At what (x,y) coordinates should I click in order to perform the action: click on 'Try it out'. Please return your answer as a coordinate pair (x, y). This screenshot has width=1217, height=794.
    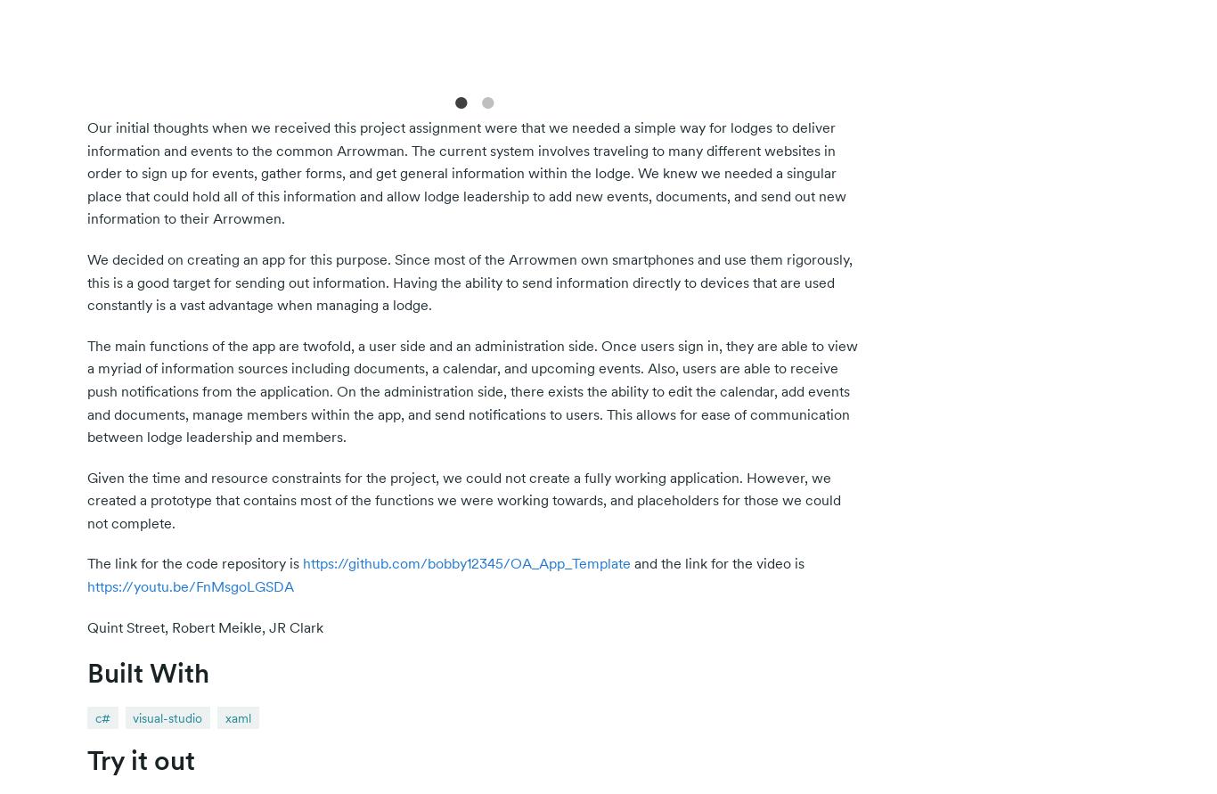
    Looking at the image, I should click on (140, 759).